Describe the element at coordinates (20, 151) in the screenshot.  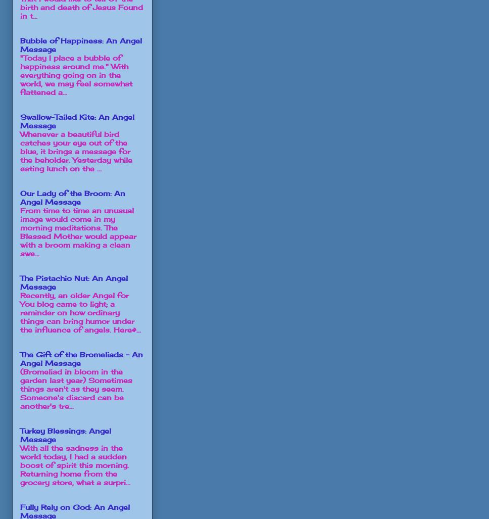
I see `'Whenever a beautiful bird catches your eye out of the blue, it brings a message for the beholder. Yesterday while eating lunch on the ...'` at that location.